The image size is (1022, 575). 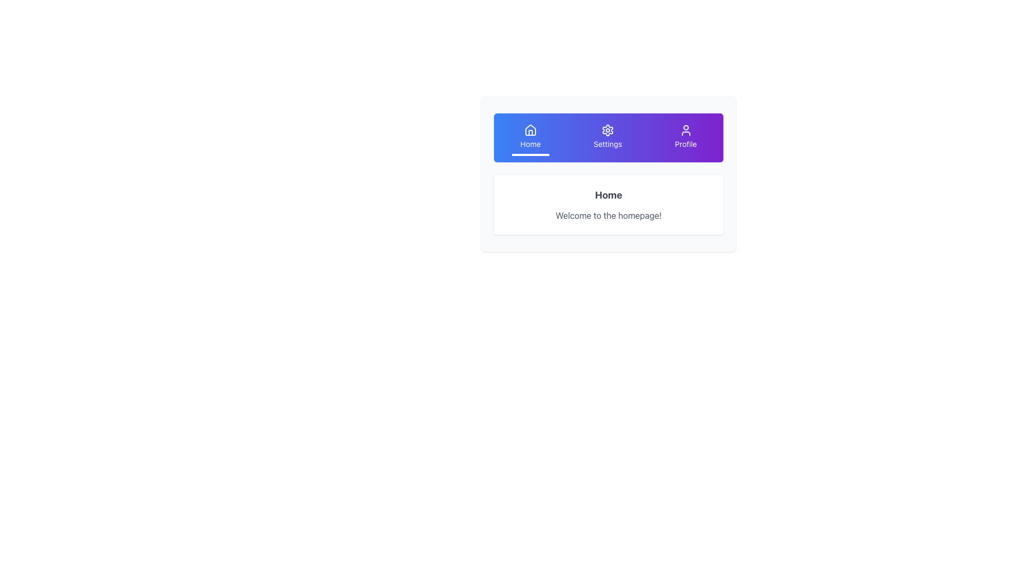 What do you see at coordinates (530, 137) in the screenshot?
I see `the navigation button at the top left of the card to trigger its animation` at bounding box center [530, 137].